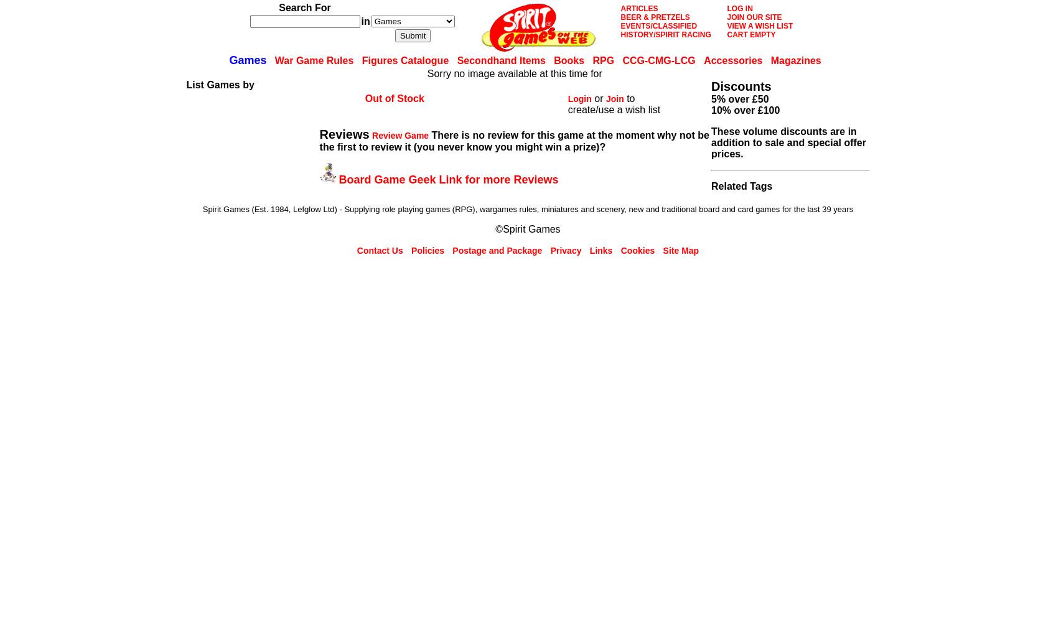  What do you see at coordinates (314, 60) in the screenshot?
I see `'War Game Rules'` at bounding box center [314, 60].